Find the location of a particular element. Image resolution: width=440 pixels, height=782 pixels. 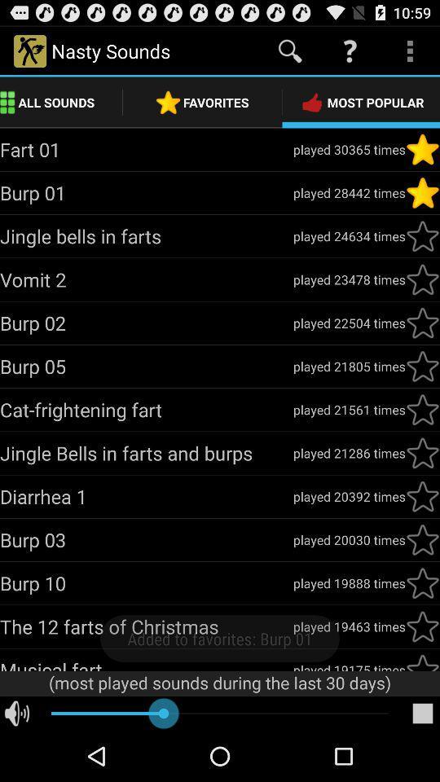

item next to played 20392 times is located at coordinates (146, 495).